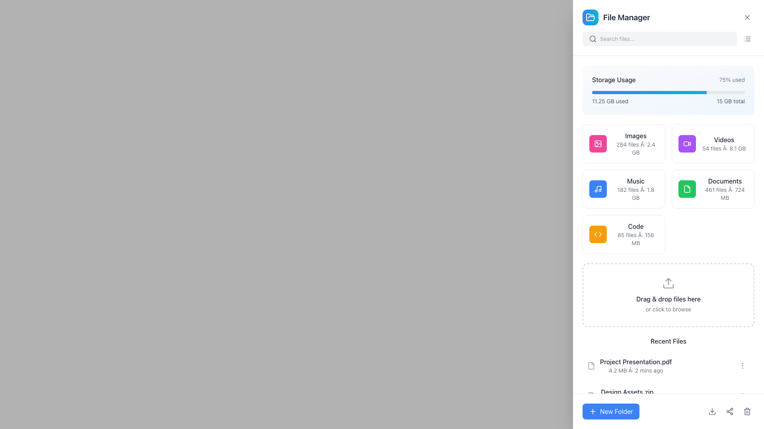  What do you see at coordinates (732, 79) in the screenshot?
I see `the Label/Text Information that displays the percentage value of used storage, located in the top-right area of the 'Storage Usage' section, right of the 'Storage Usage' label and above the progress bar` at bounding box center [732, 79].